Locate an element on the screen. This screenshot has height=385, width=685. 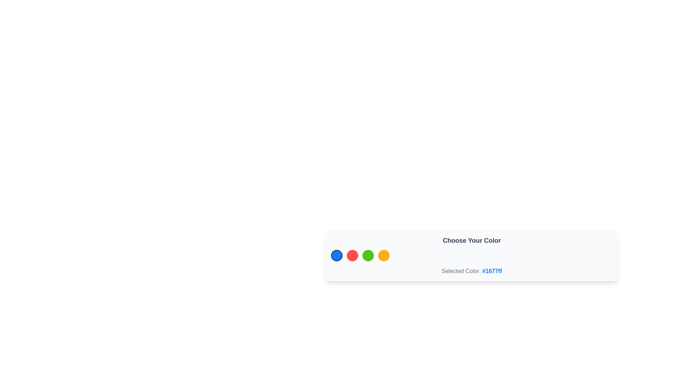
the second color selection button to choose the red color, which may reflect in the 'Selected Color' text or trigger other functionalities in the interface is located at coordinates (352, 255).